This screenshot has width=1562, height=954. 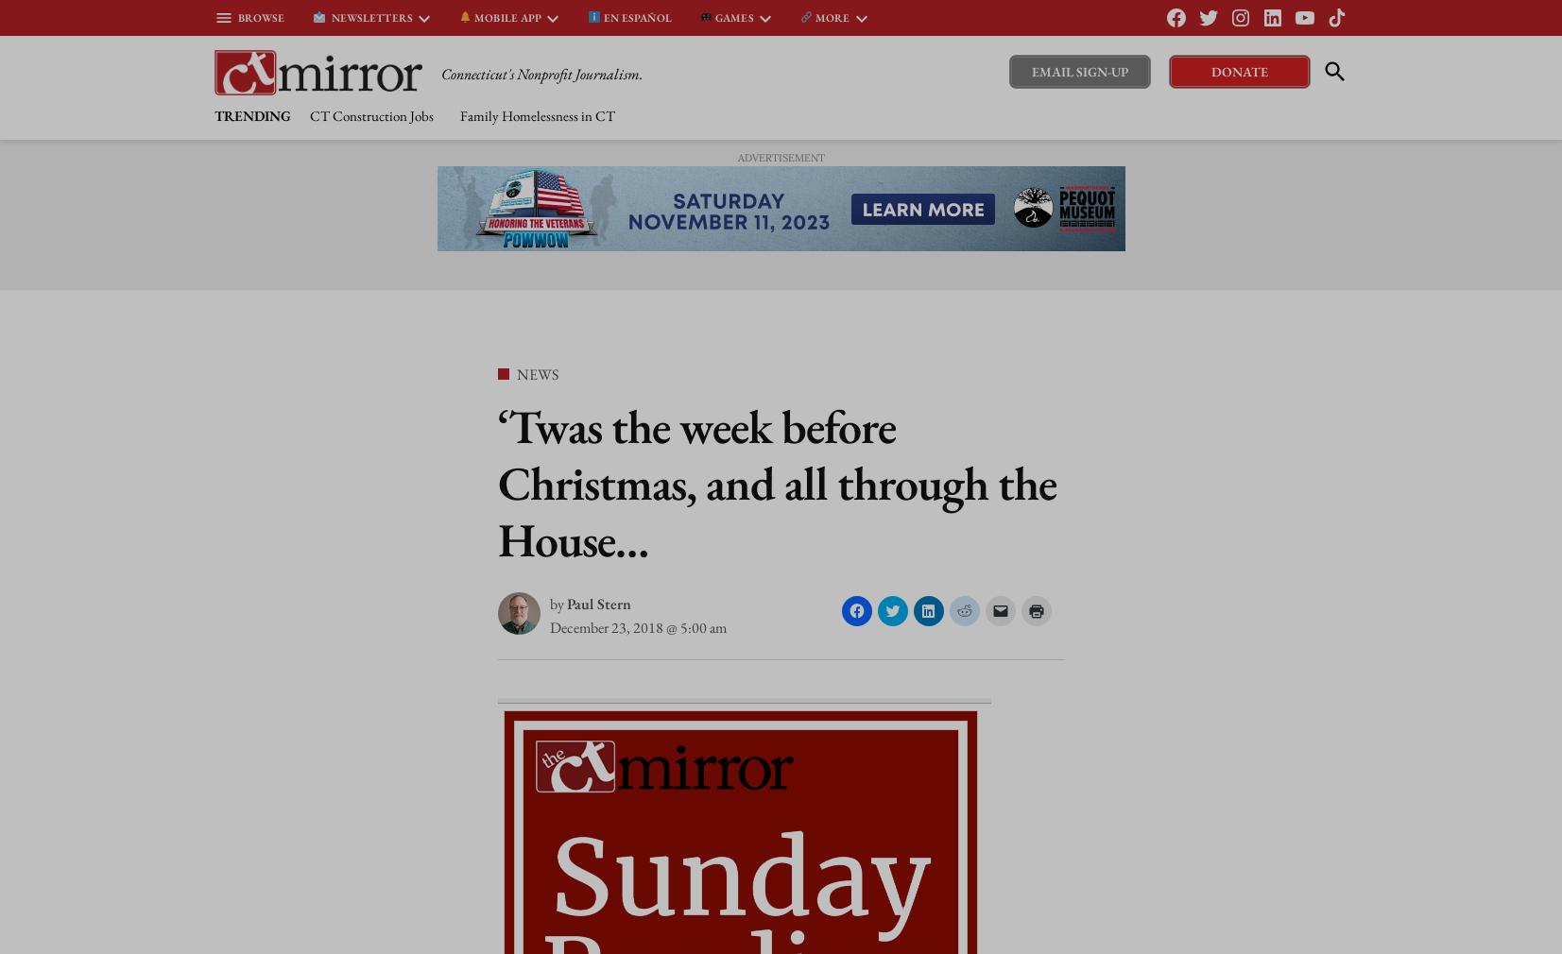 What do you see at coordinates (367, 15) in the screenshot?
I see `'Newsletters'` at bounding box center [367, 15].